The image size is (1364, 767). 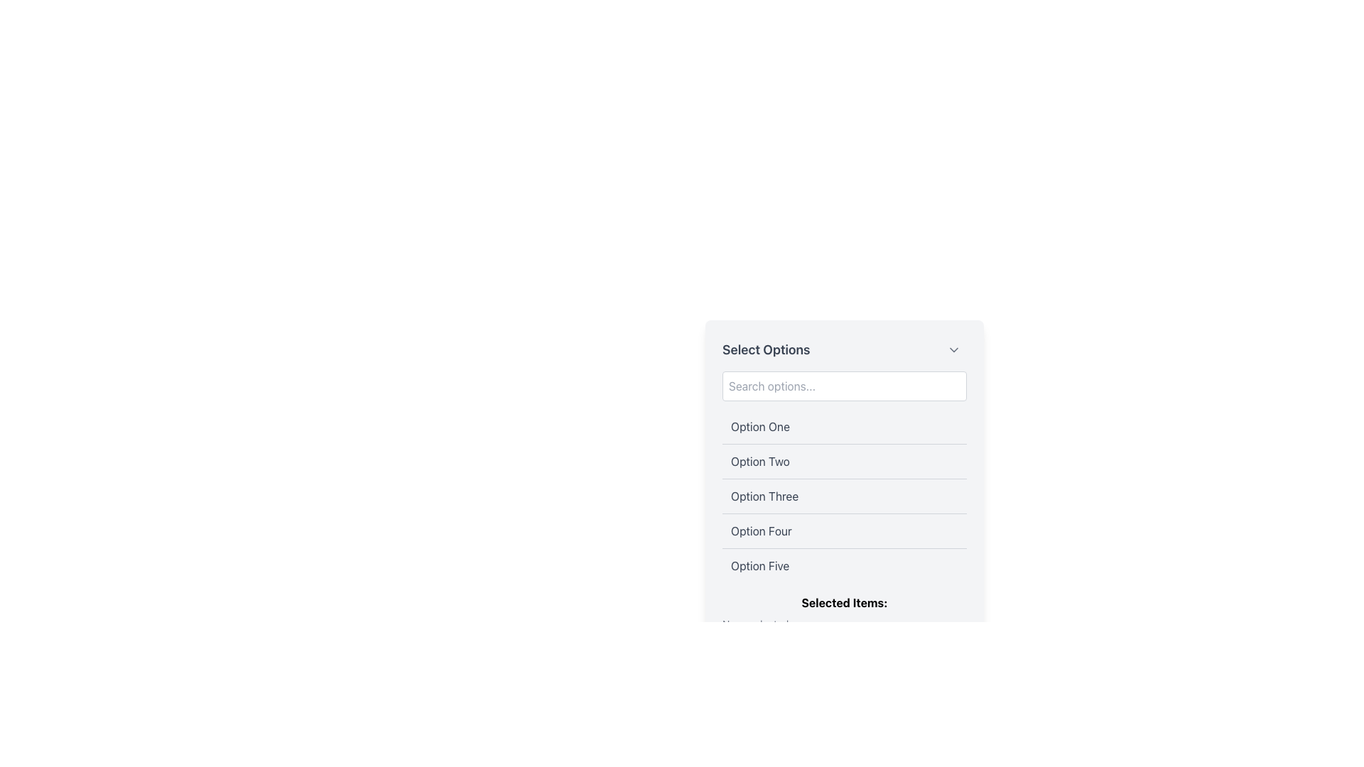 What do you see at coordinates (760, 531) in the screenshot?
I see `the text label 'Option Four'` at bounding box center [760, 531].